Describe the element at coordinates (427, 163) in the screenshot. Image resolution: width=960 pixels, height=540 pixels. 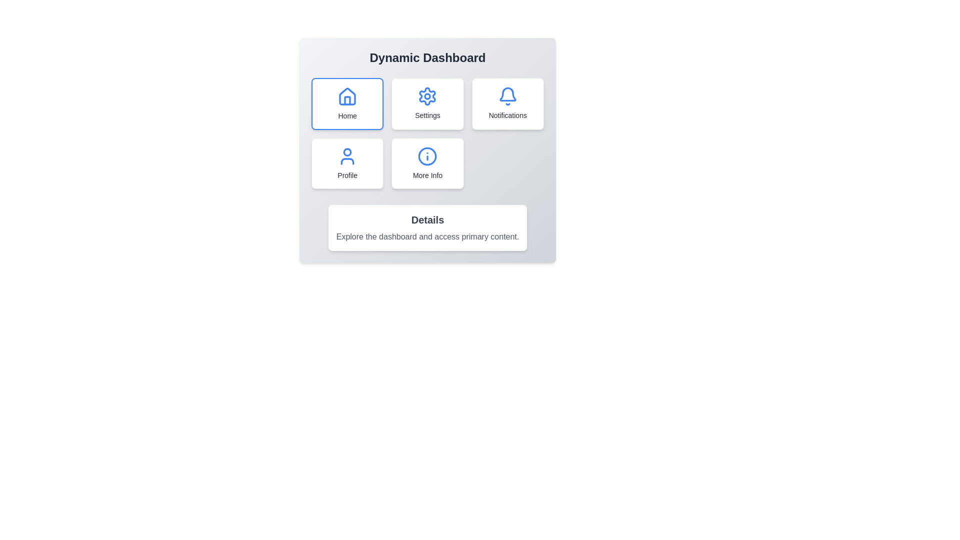
I see `the button located in the bottom center position of a 3x2 grid, below the 'Settings' button and to the right of the 'Profile' button` at that location.